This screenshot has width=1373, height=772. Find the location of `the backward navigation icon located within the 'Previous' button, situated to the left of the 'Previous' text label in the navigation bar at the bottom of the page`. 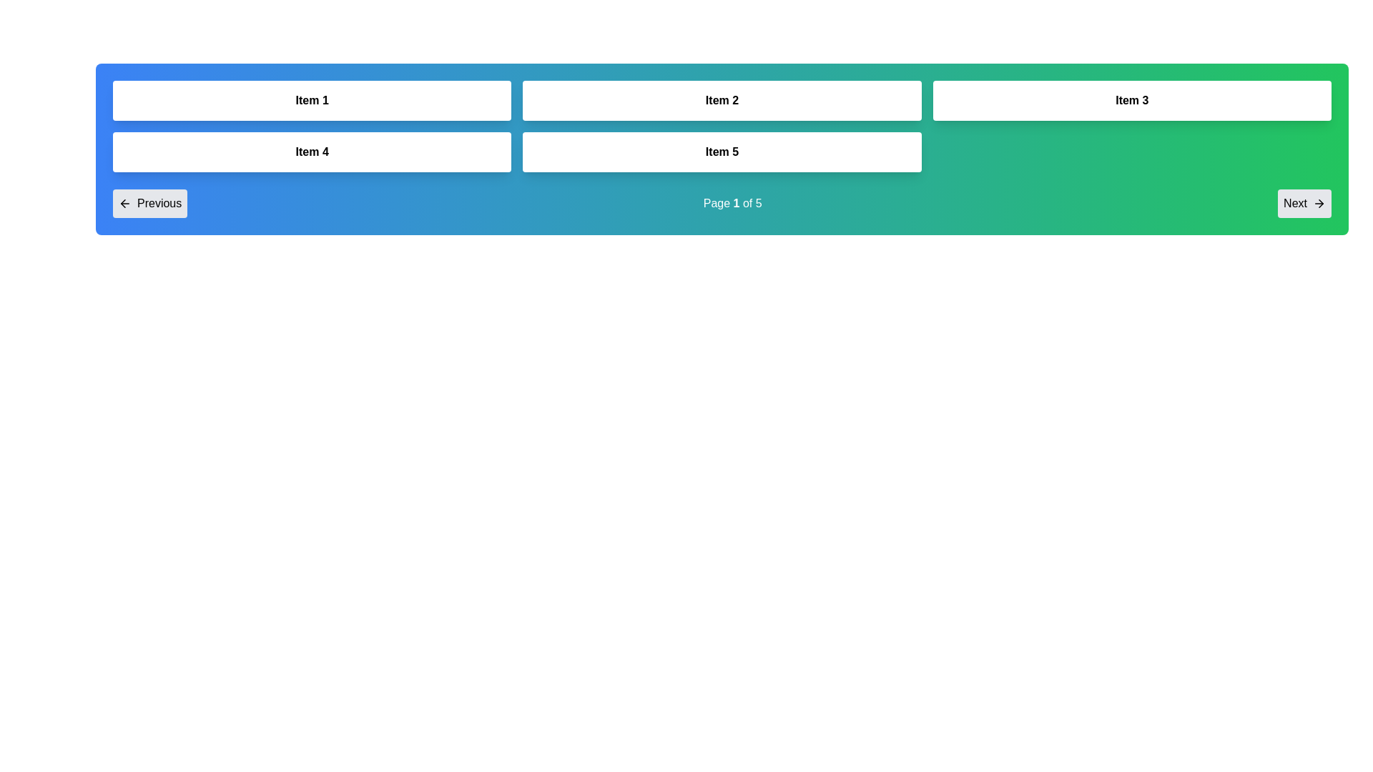

the backward navigation icon located within the 'Previous' button, situated to the left of the 'Previous' text label in the navigation bar at the bottom of the page is located at coordinates (124, 204).